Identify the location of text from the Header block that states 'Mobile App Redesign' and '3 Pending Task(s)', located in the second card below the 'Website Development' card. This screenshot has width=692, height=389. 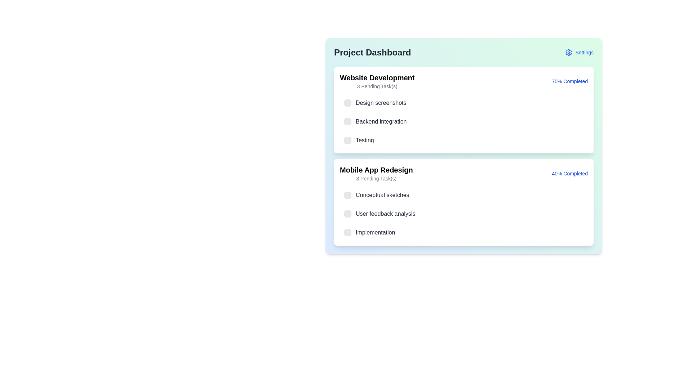
(376, 174).